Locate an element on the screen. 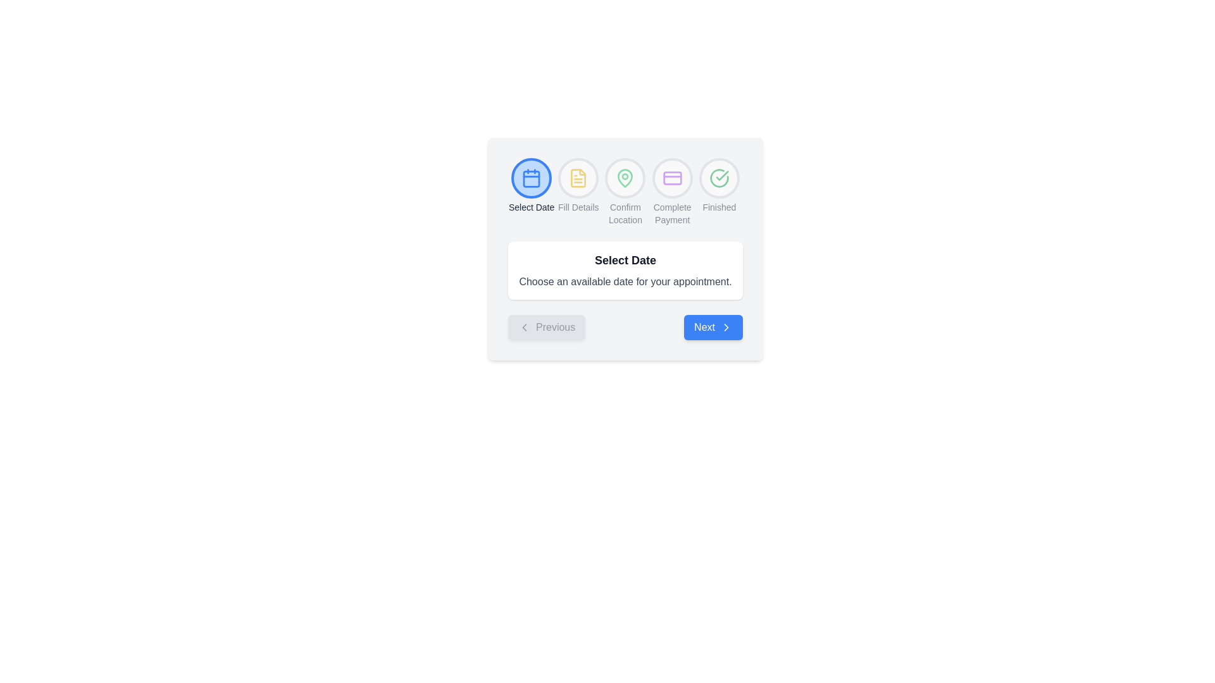  the status of the fifth icon representing a completion indicator in the progress section is located at coordinates (719, 178).